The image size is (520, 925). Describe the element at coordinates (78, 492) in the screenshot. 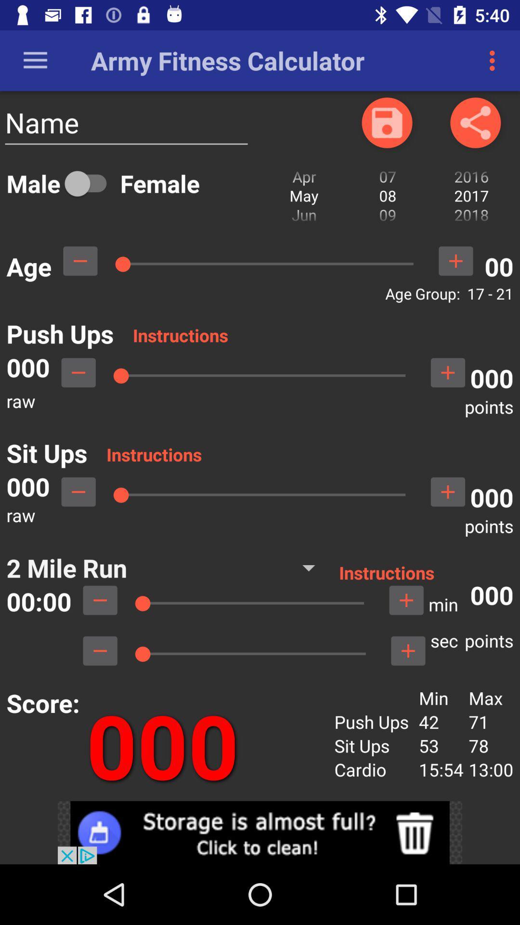

I see `the minus icon` at that location.